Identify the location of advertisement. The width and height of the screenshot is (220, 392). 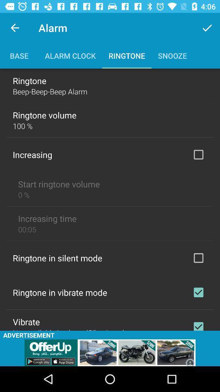
(110, 352).